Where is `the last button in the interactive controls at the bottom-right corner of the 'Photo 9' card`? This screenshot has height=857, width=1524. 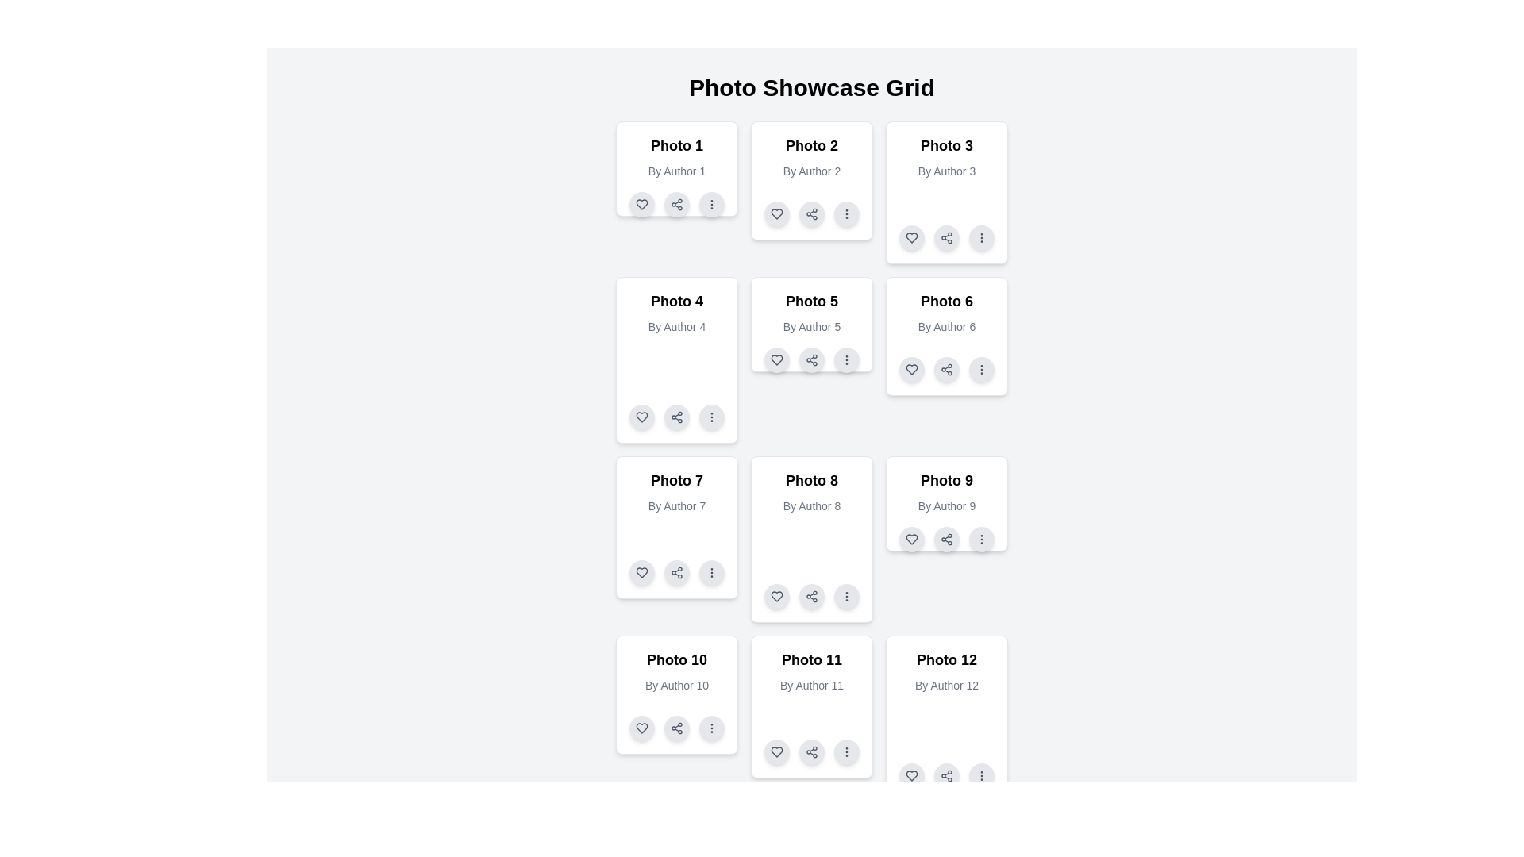
the last button in the interactive controls at the bottom-right corner of the 'Photo 9' card is located at coordinates (981, 538).